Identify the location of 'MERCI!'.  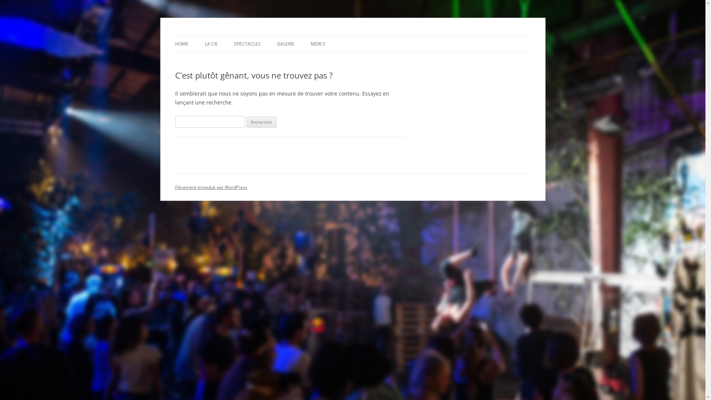
(317, 44).